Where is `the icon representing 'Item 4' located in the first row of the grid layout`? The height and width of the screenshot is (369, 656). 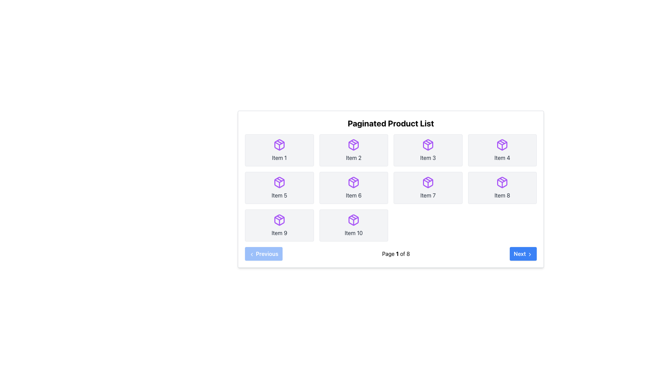 the icon representing 'Item 4' located in the first row of the grid layout is located at coordinates (502, 145).